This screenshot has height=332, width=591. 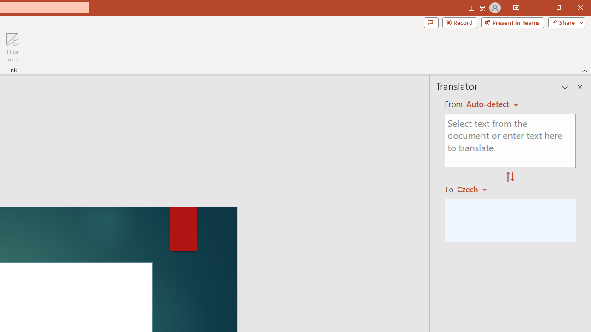 I want to click on 'Hide Ink', so click(x=12, y=47).